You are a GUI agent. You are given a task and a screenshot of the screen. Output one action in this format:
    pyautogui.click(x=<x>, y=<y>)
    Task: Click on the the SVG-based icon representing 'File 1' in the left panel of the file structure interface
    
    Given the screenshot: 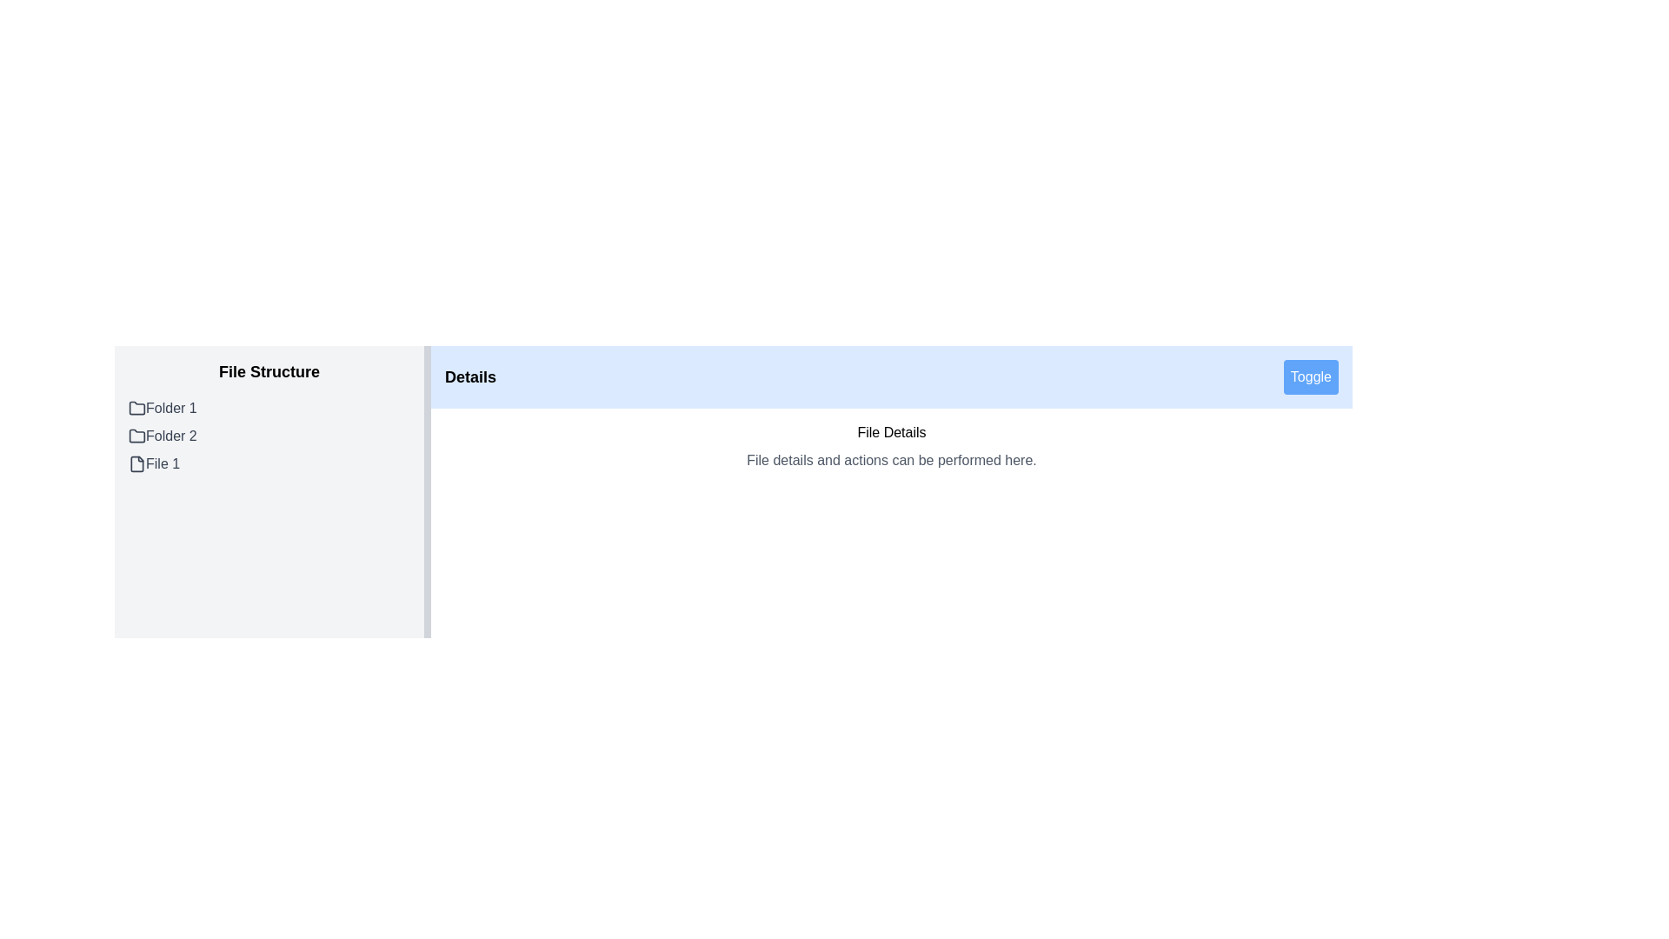 What is the action you would take?
    pyautogui.click(x=136, y=463)
    